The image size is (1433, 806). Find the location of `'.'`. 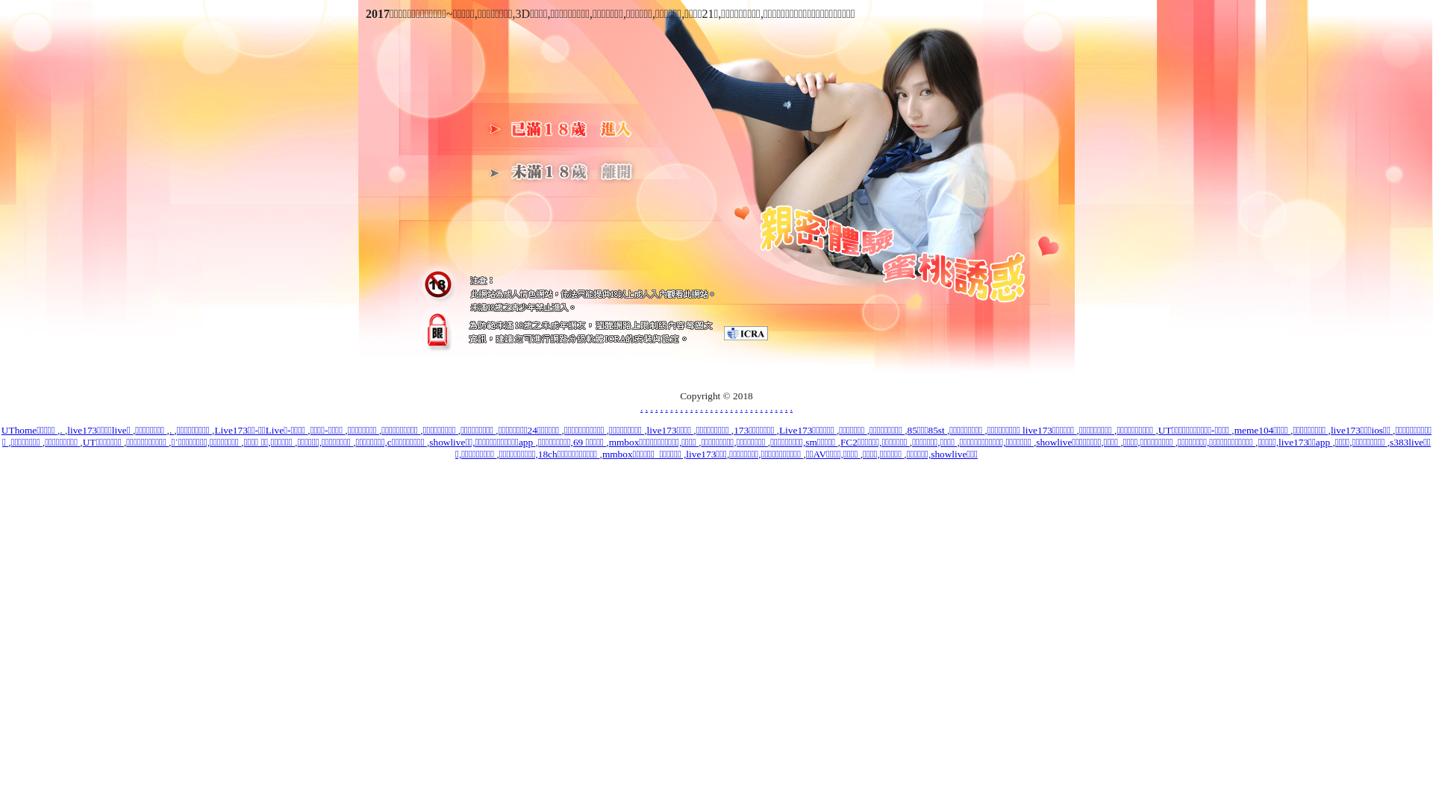

'.' is located at coordinates (60, 430).